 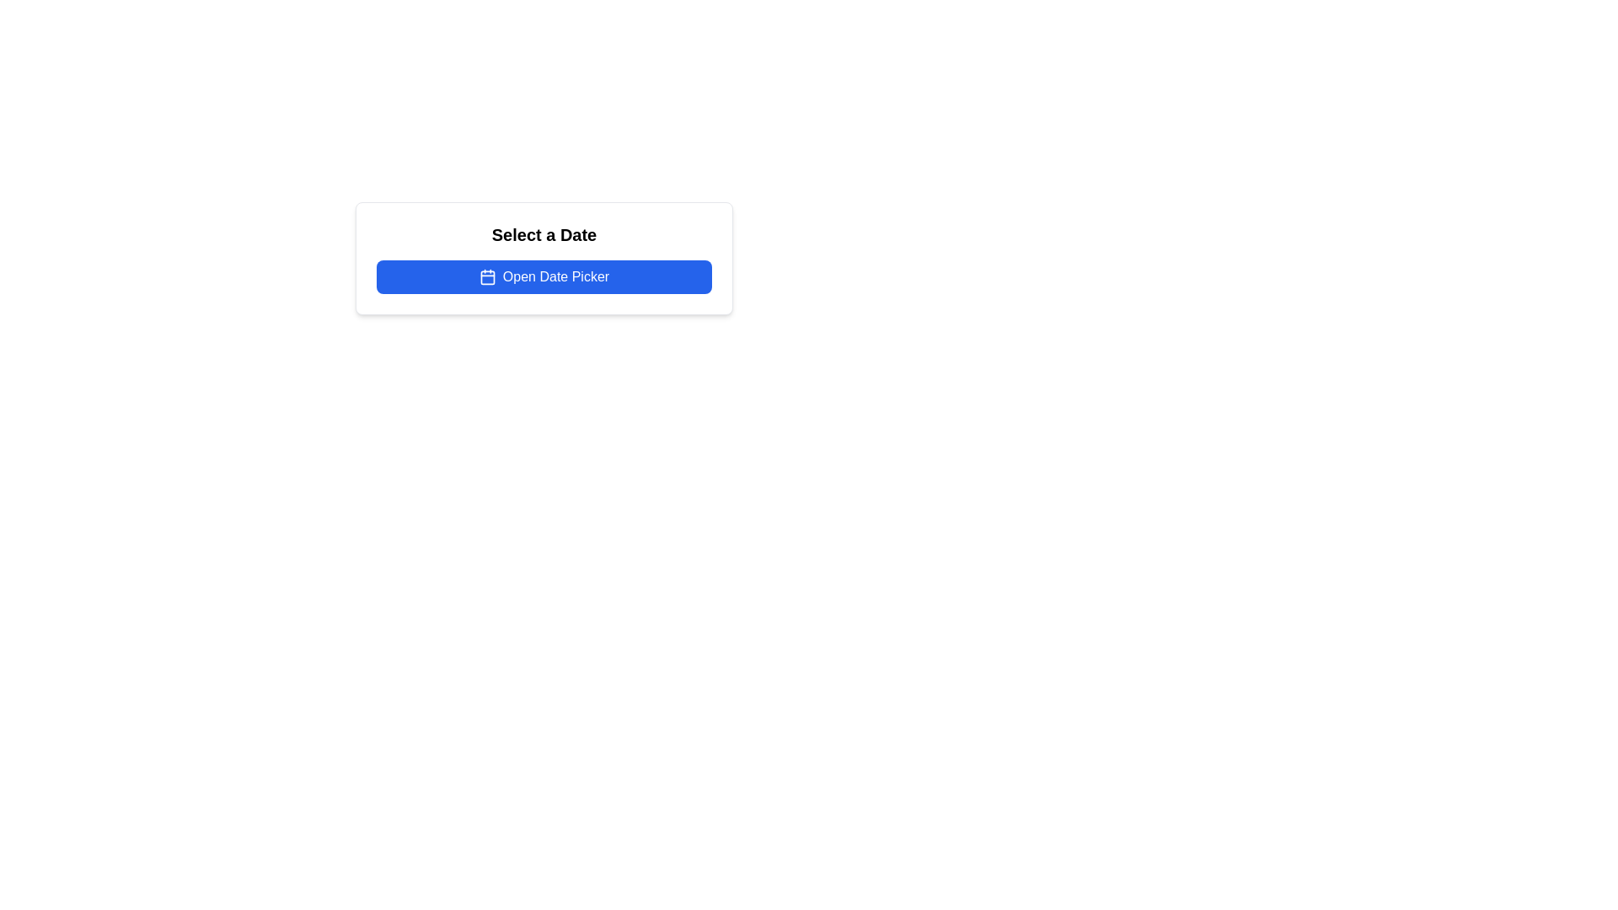 What do you see at coordinates (544, 276) in the screenshot?
I see `the 'Open Date Picker' button with a vibrant blue background and a calendar icon, located within the 'Select a Date' card interface` at bounding box center [544, 276].